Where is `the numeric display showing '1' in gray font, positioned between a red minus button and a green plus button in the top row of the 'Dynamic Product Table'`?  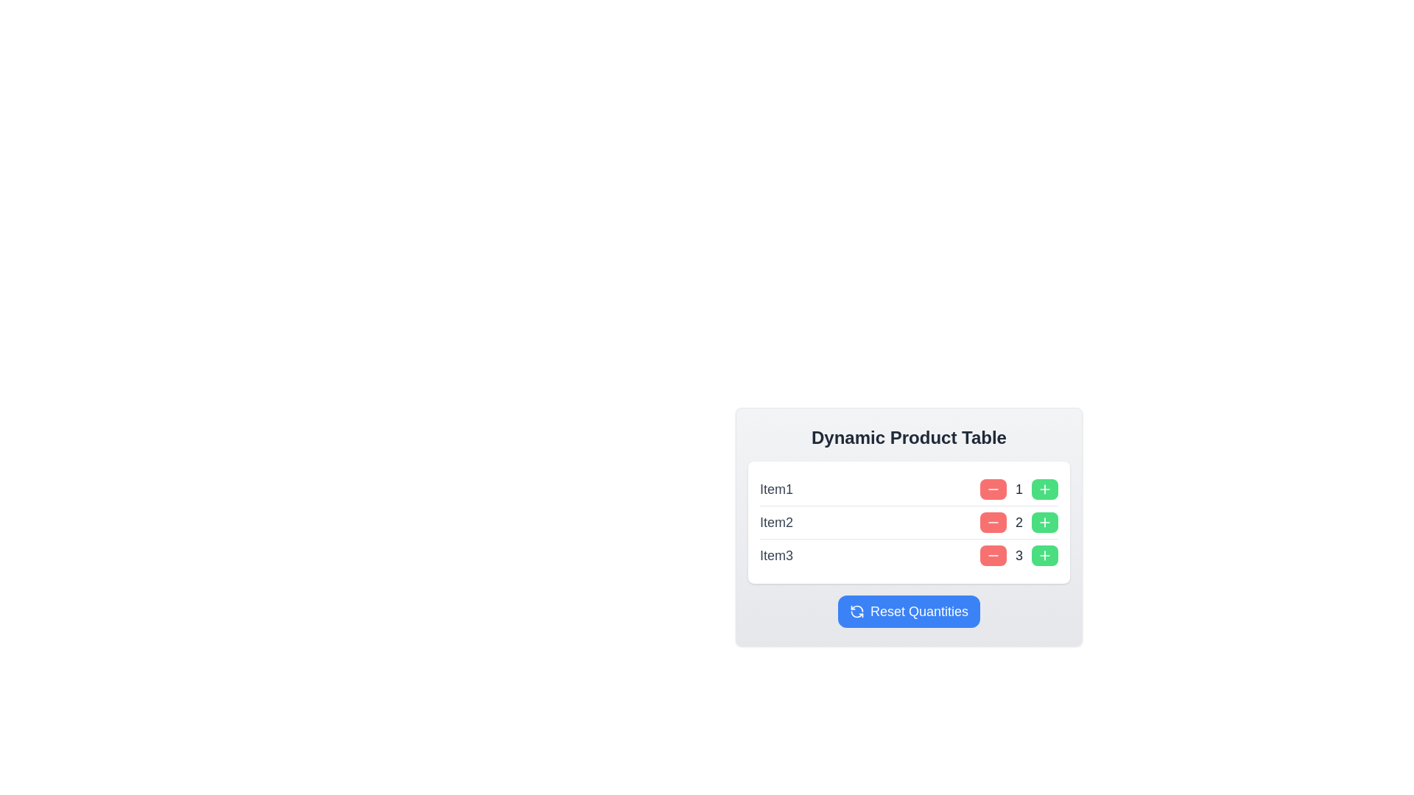 the numeric display showing '1' in gray font, positioned between a red minus button and a green plus button in the top row of the 'Dynamic Product Table' is located at coordinates (1018, 489).